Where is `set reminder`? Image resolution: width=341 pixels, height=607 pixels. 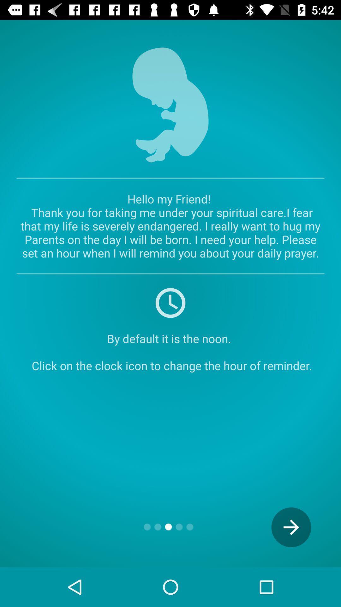
set reminder is located at coordinates (170, 302).